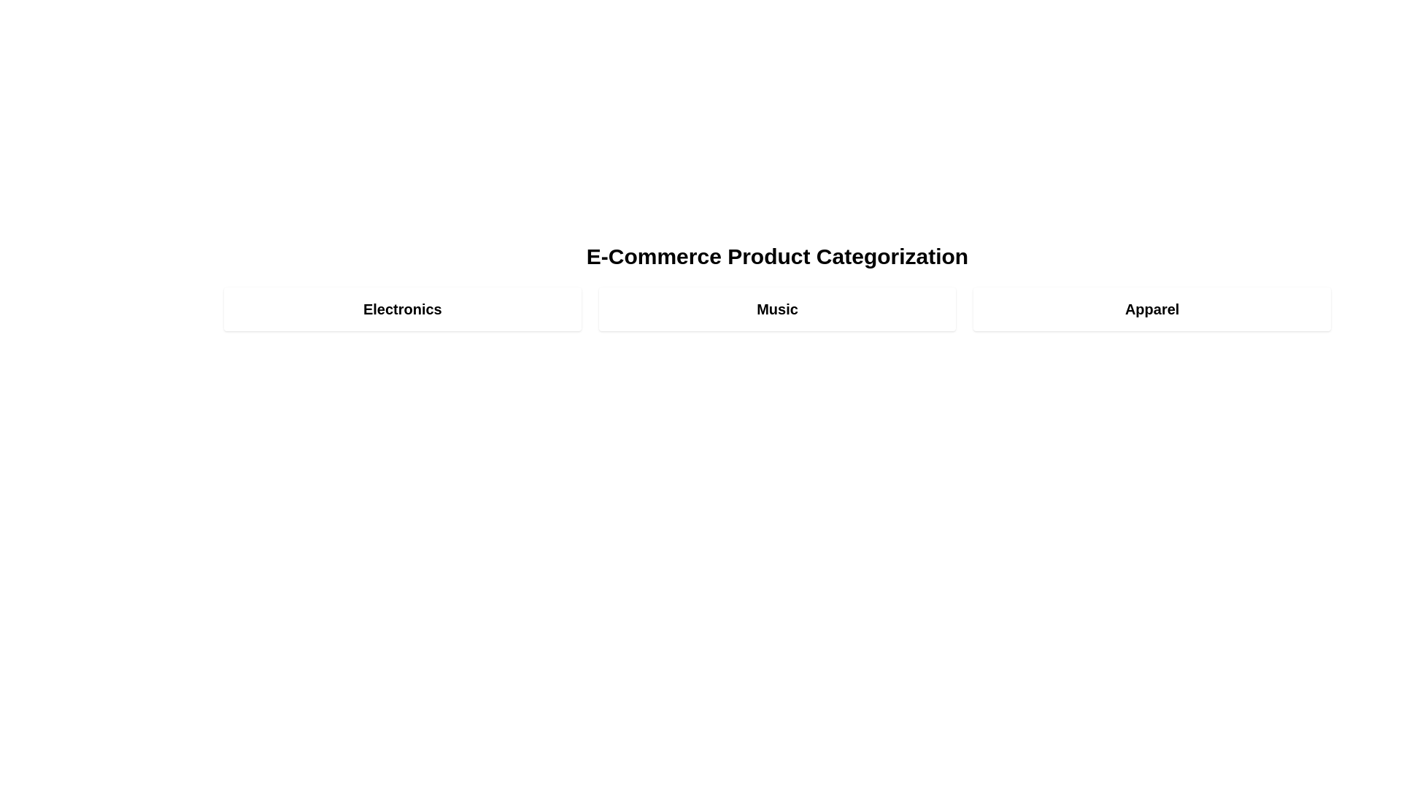 This screenshot has height=788, width=1401. Describe the element at coordinates (402, 309) in the screenshot. I see `the category Electronics to view its details` at that location.